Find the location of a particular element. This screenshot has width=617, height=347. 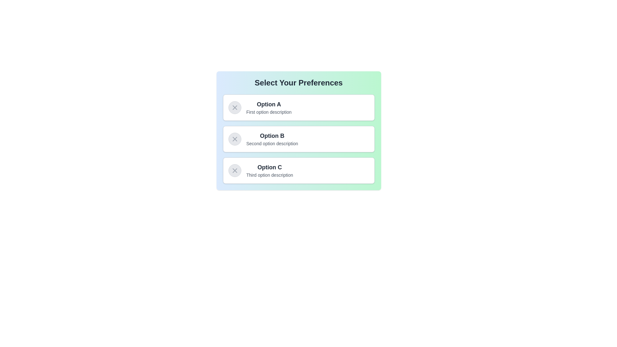

the text display element containing the title 'Option B' and the description 'Second option description', which is the second card in a vertical list of three options is located at coordinates (272, 138).